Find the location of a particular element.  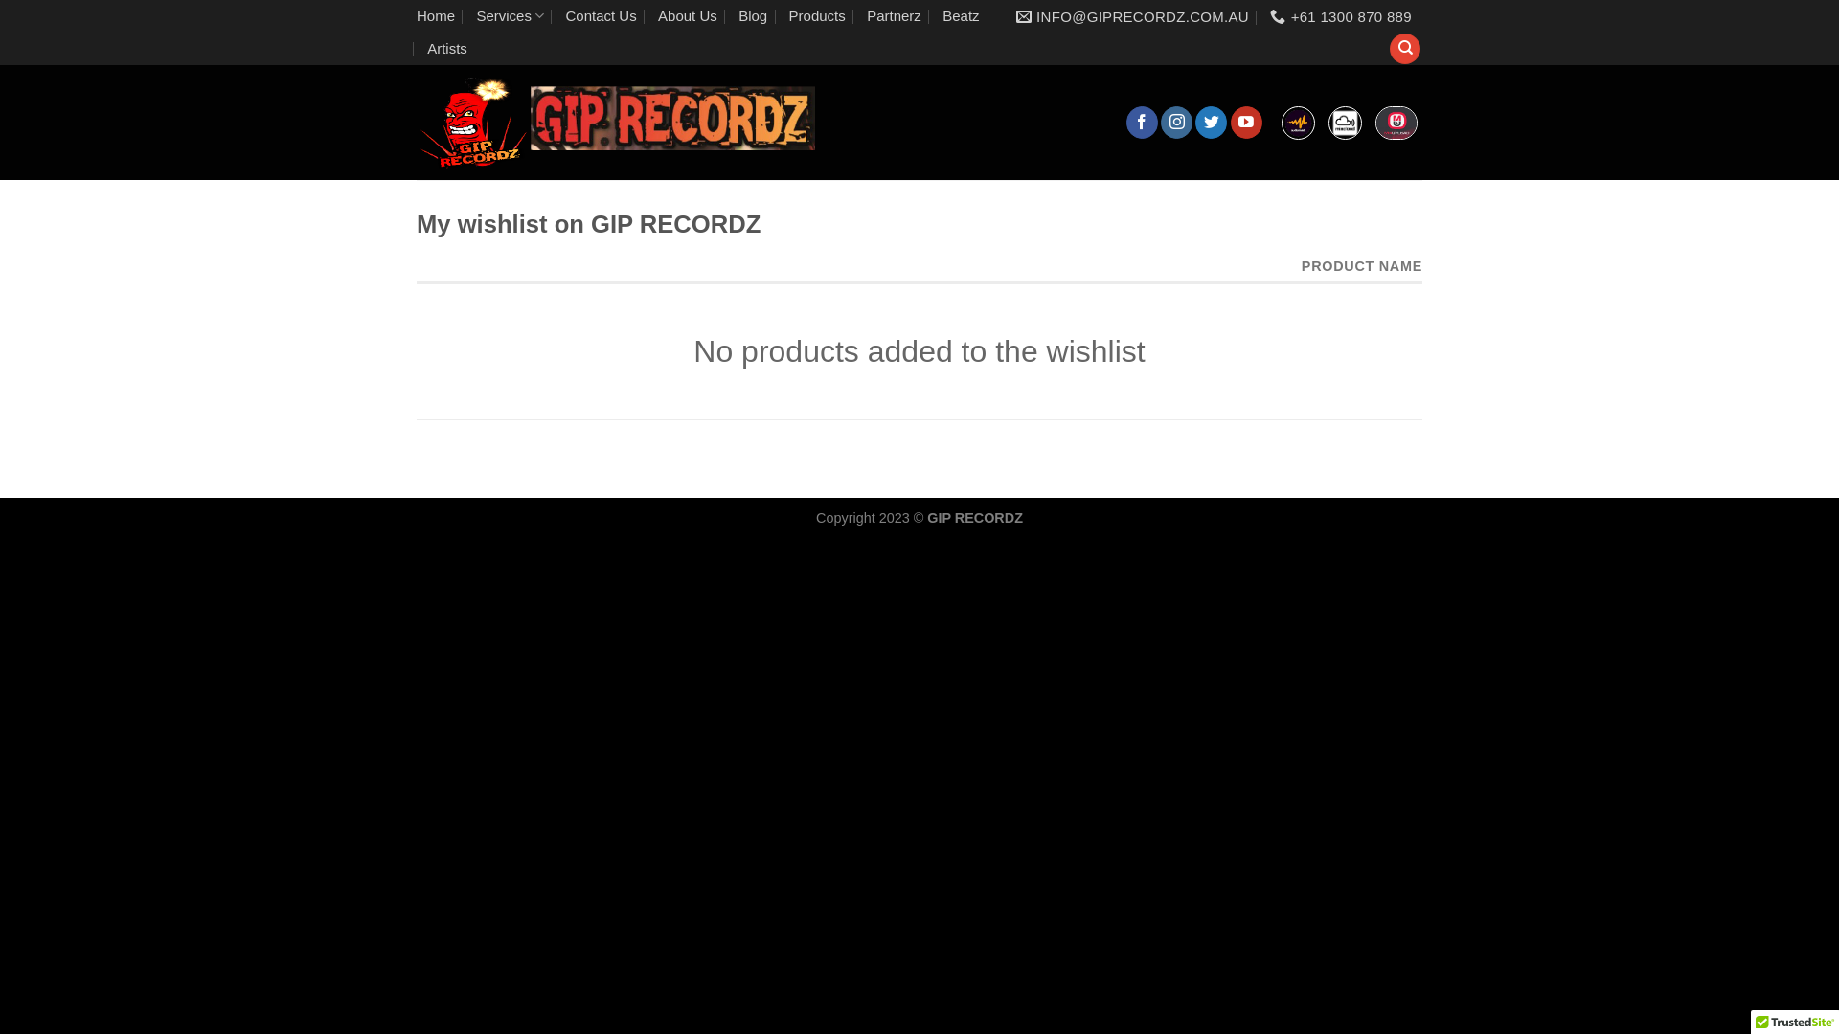

'Services' is located at coordinates (476, 15).